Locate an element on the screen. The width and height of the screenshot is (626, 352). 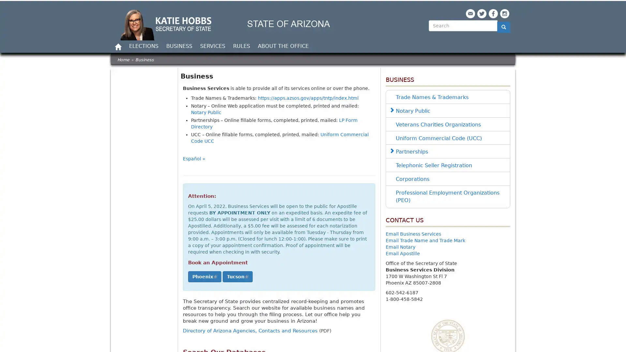
Search is located at coordinates (433, 37).